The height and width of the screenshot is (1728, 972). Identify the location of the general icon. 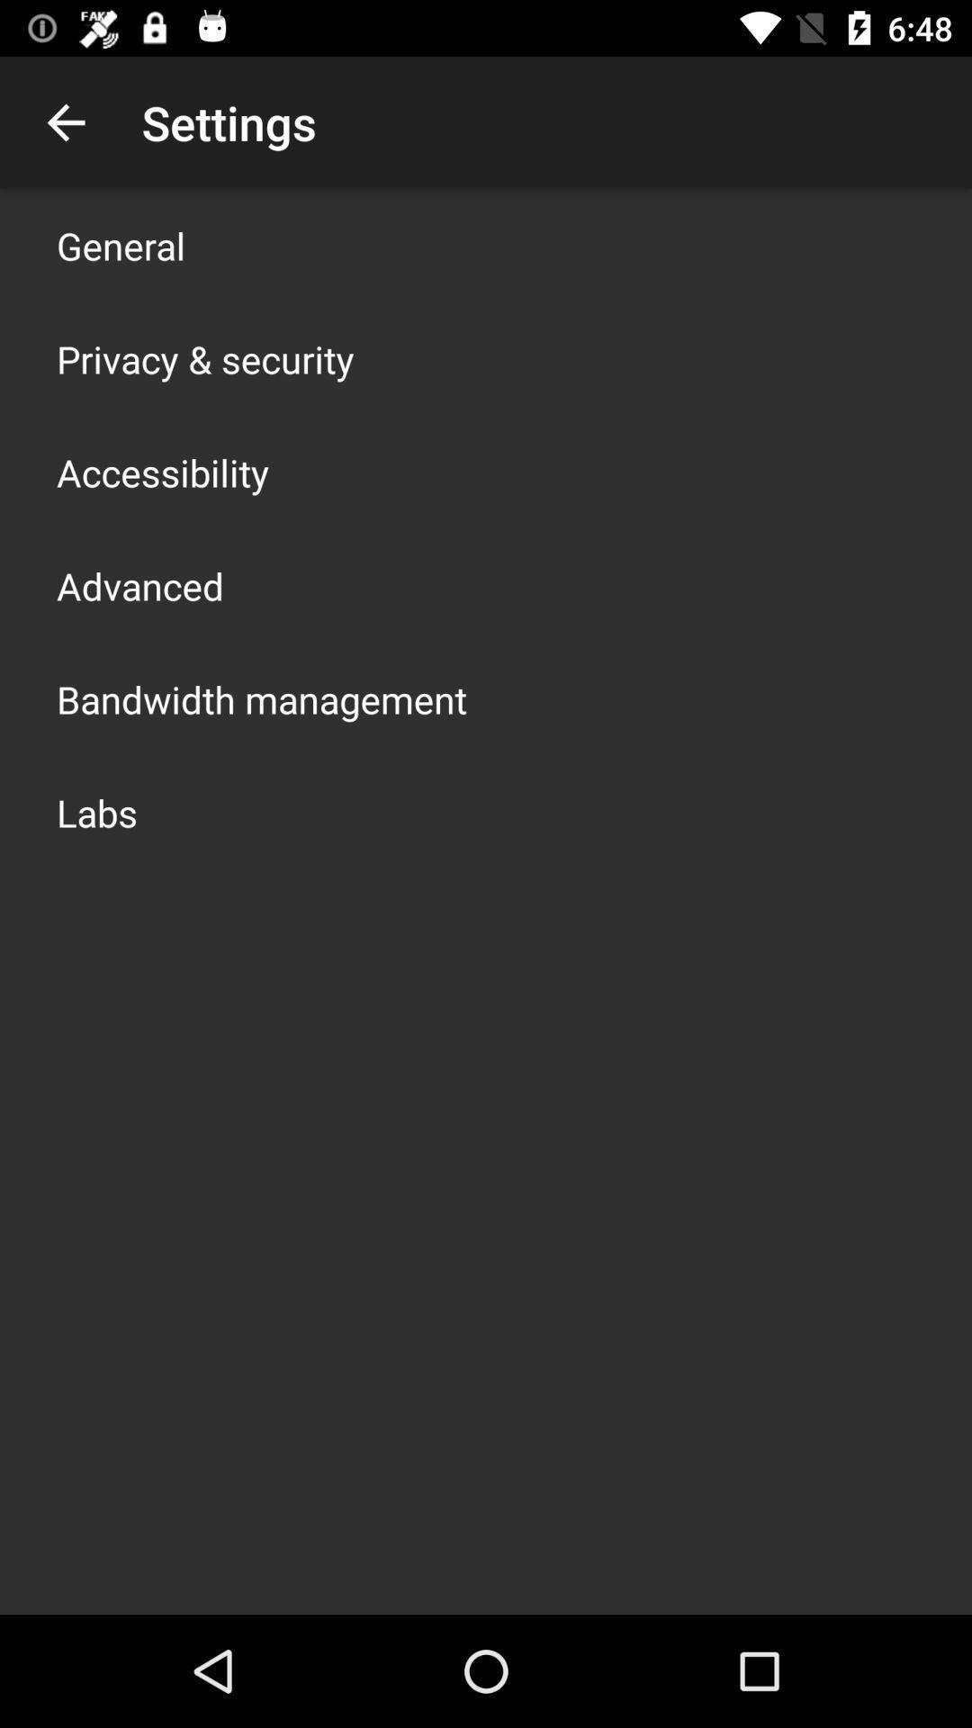
(121, 245).